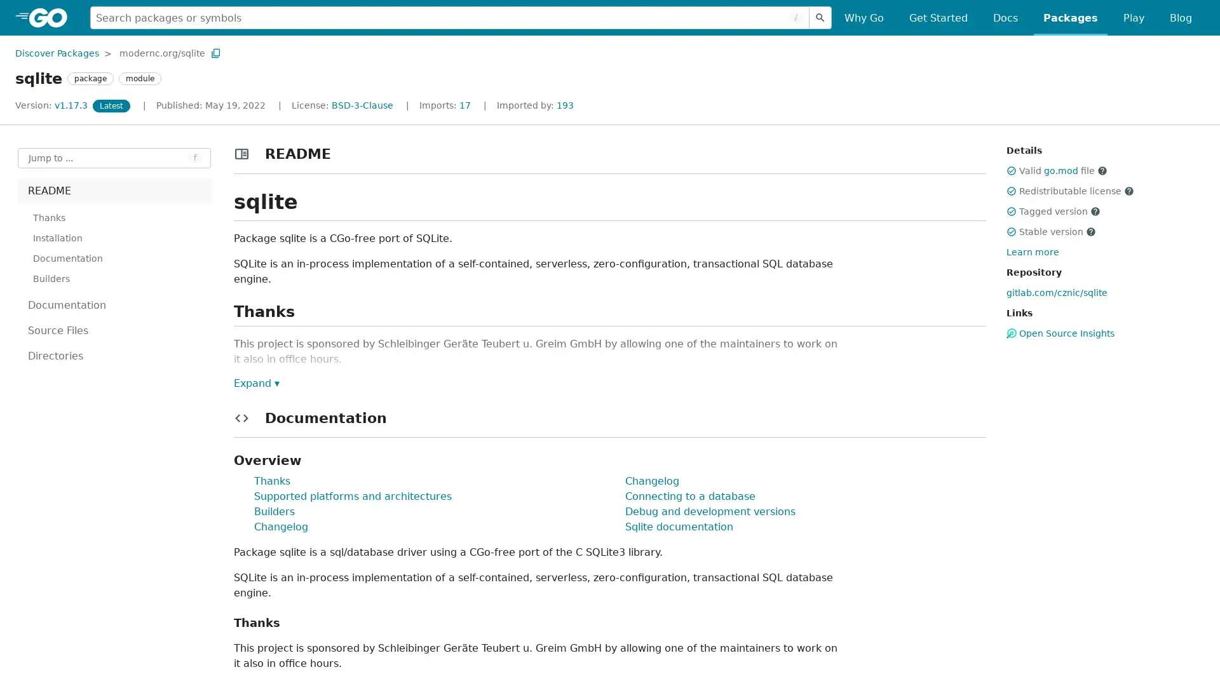  I want to click on Submit search, so click(820, 17).